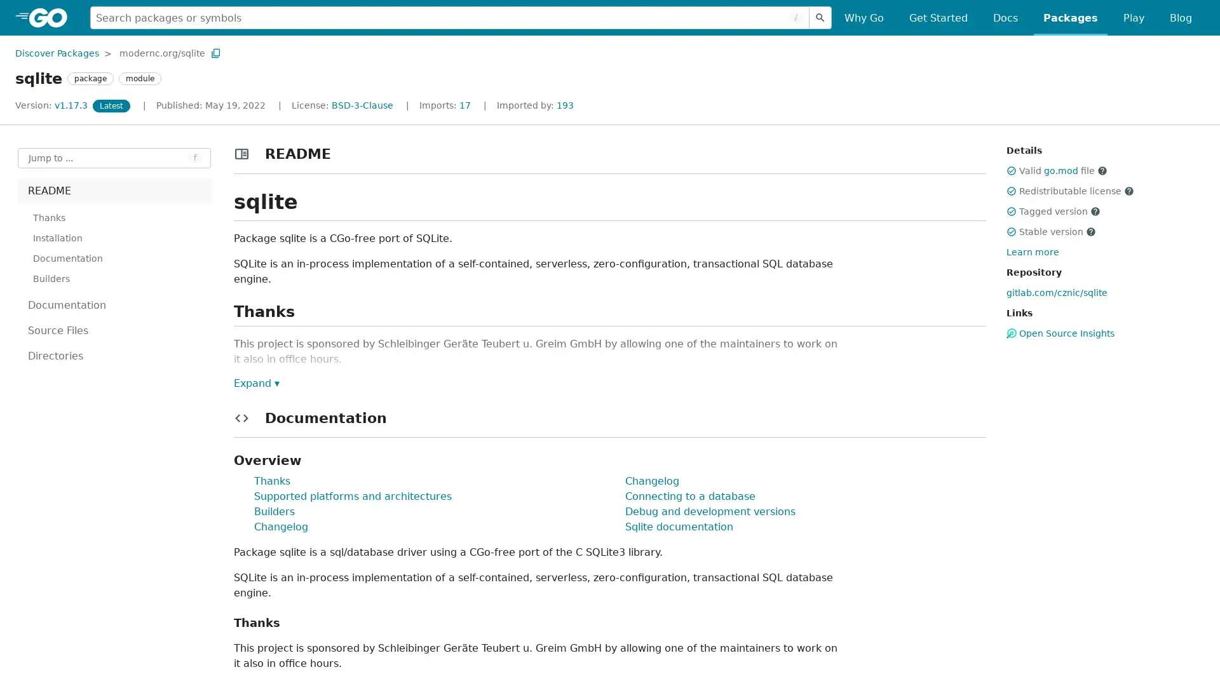  I want to click on Submit search, so click(820, 17).